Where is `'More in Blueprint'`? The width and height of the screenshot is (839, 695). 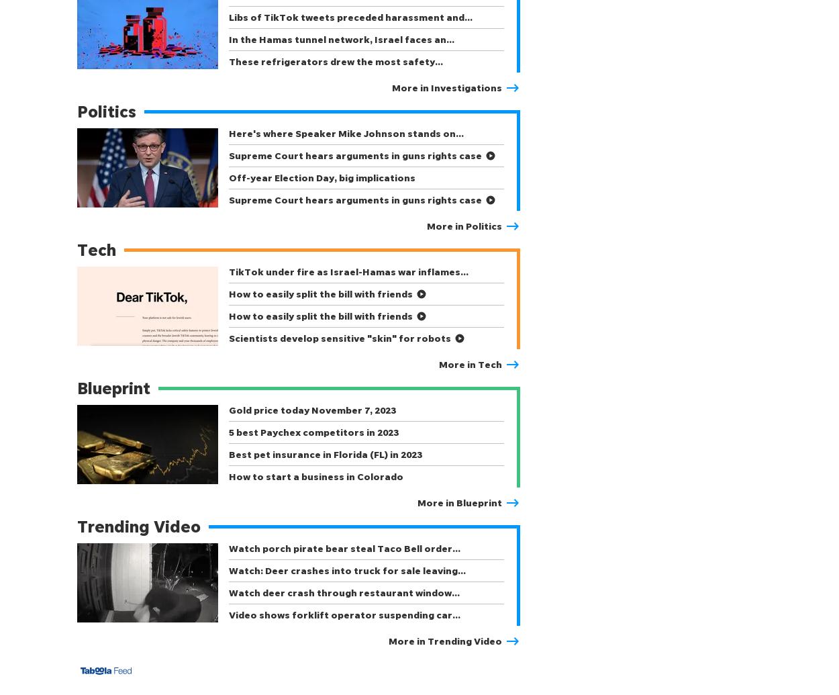 'More in Blueprint' is located at coordinates (460, 502).